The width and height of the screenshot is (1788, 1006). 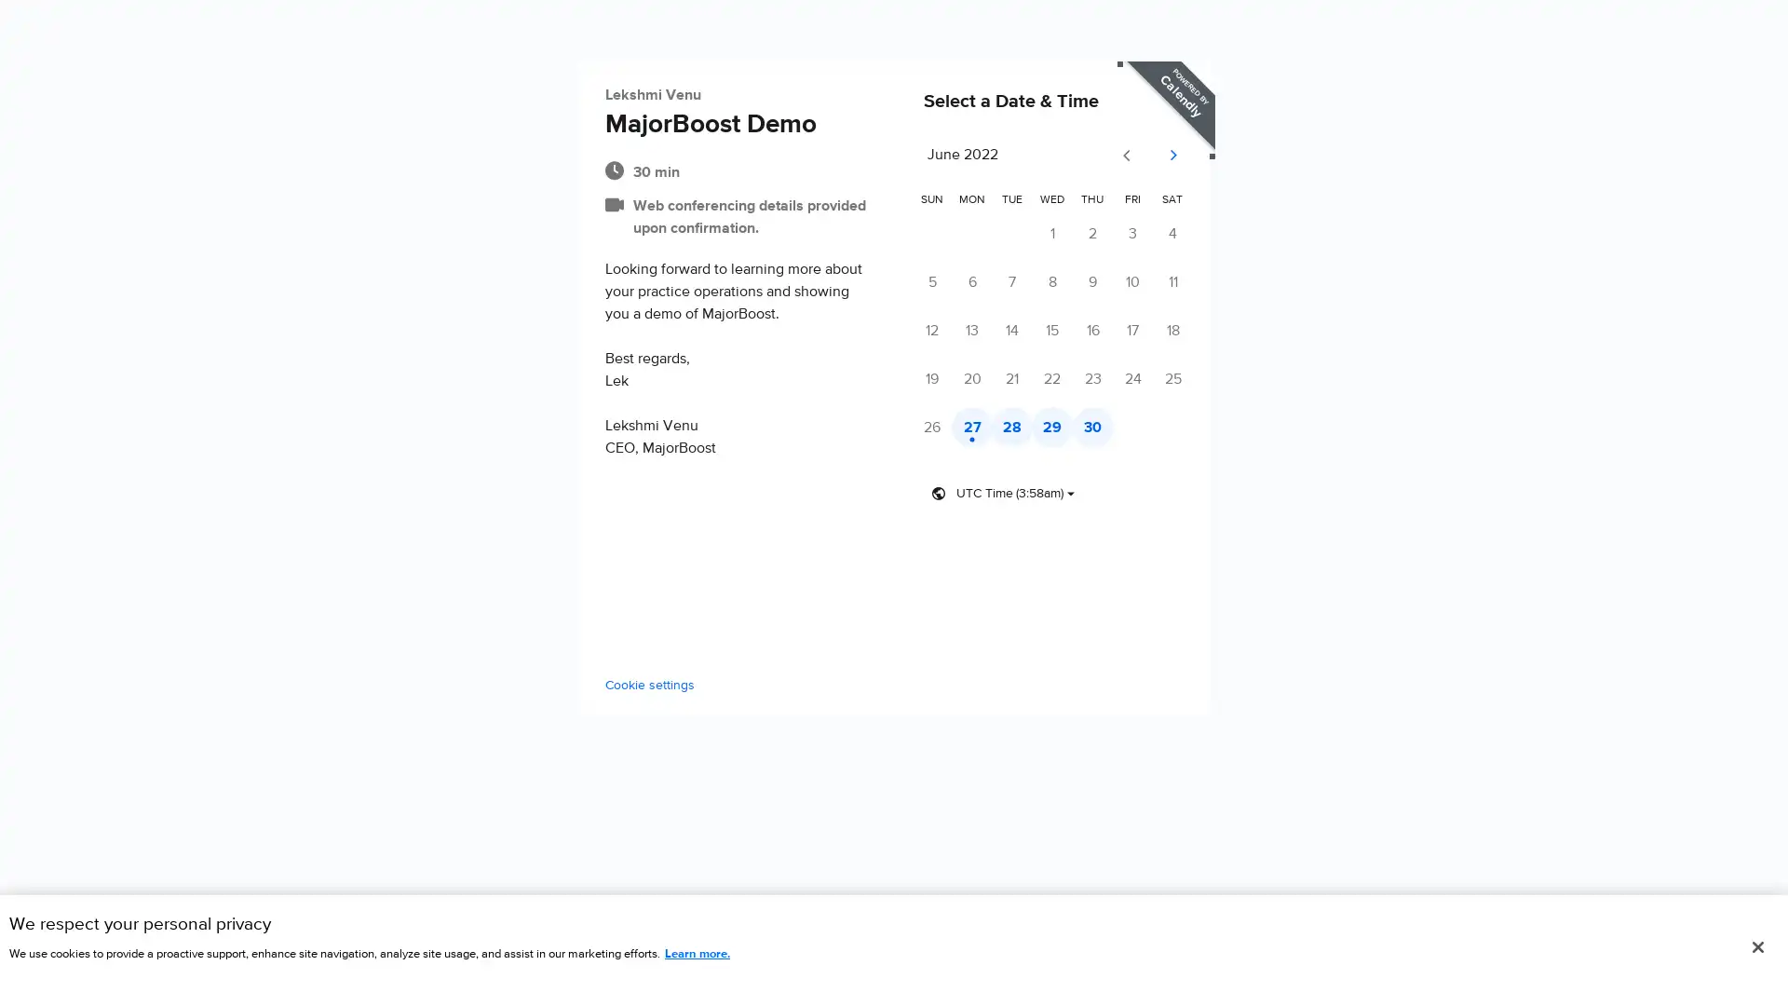 What do you see at coordinates (1030, 379) in the screenshot?
I see `Tuesday, June 21 - No times available` at bounding box center [1030, 379].